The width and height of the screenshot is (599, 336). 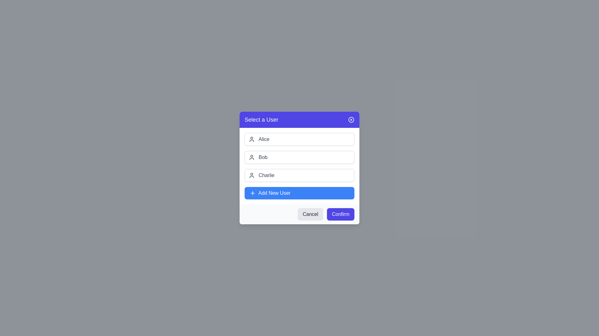 I want to click on the 'Alice' button, so click(x=299, y=139).